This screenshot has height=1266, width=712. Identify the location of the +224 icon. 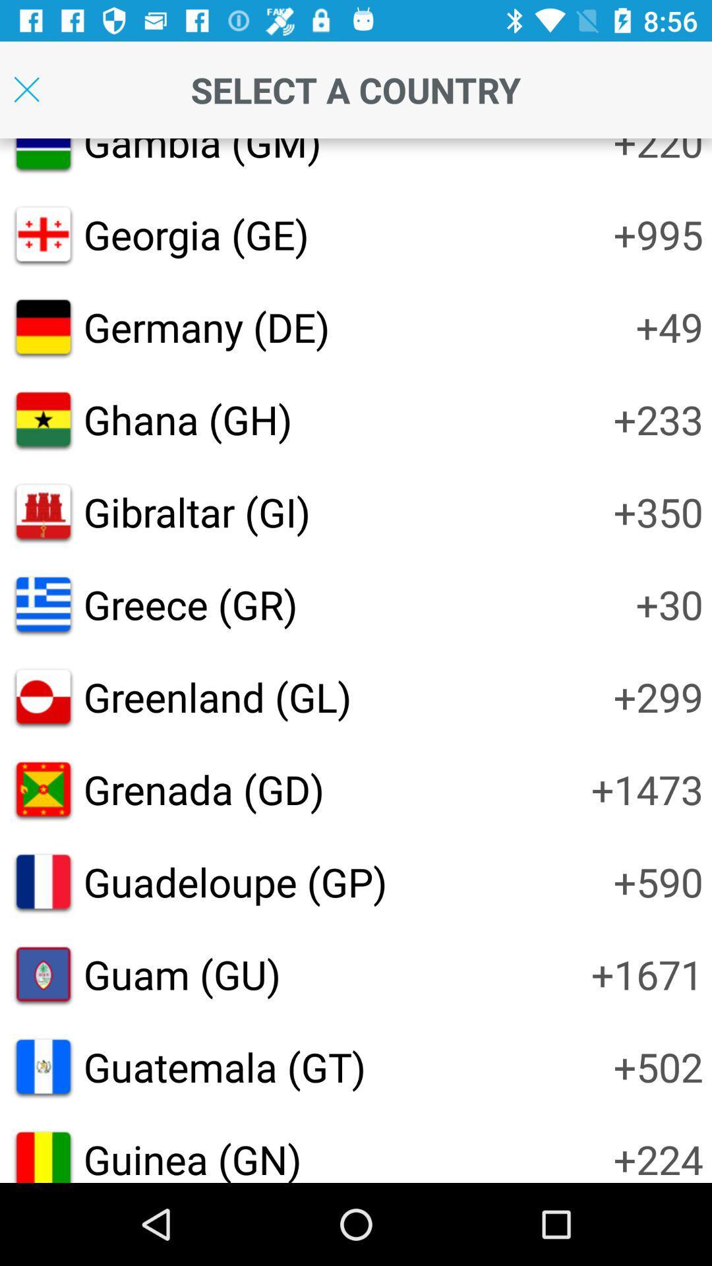
(658, 1157).